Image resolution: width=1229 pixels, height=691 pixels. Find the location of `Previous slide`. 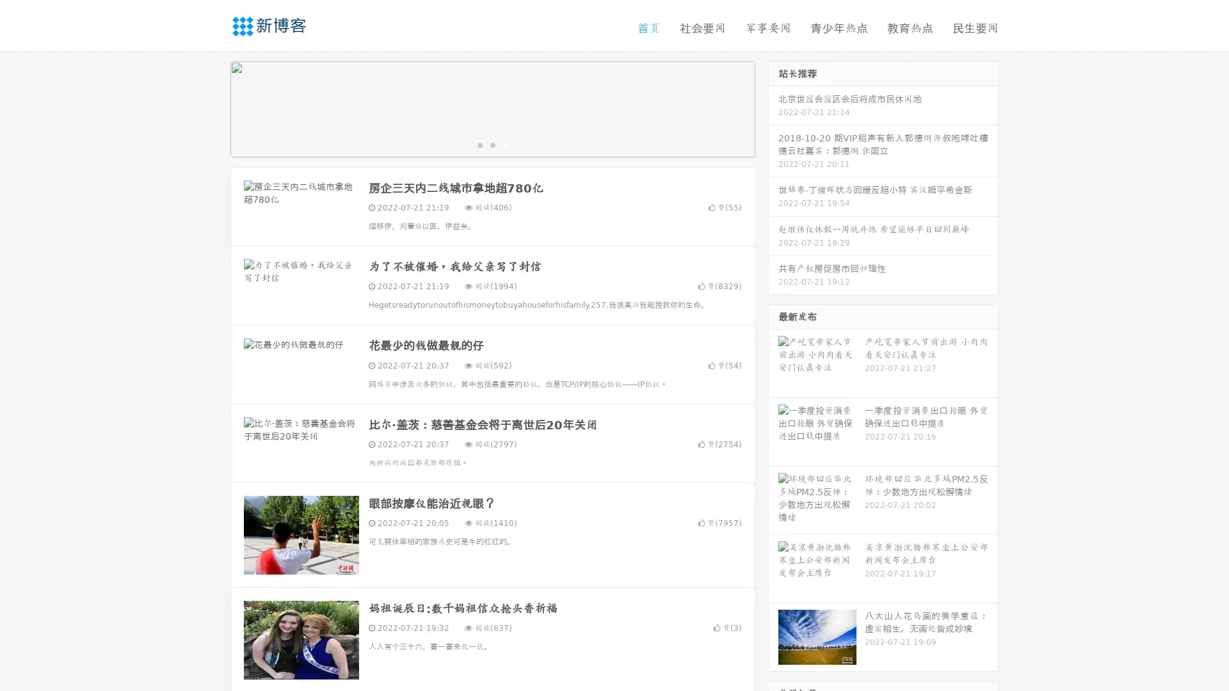

Previous slide is located at coordinates (211, 107).